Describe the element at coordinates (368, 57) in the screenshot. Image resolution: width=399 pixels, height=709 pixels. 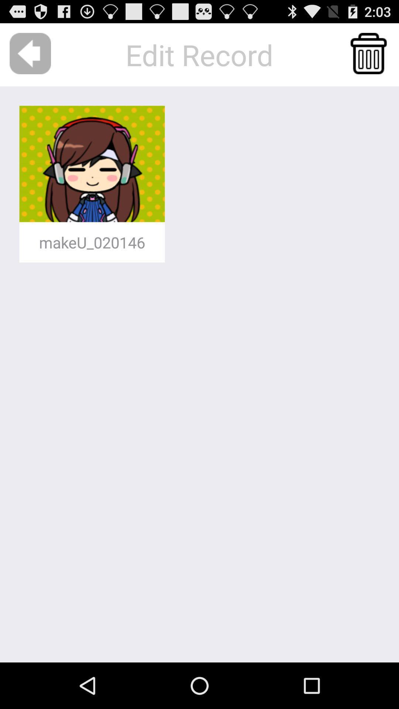
I see `the delete icon` at that location.